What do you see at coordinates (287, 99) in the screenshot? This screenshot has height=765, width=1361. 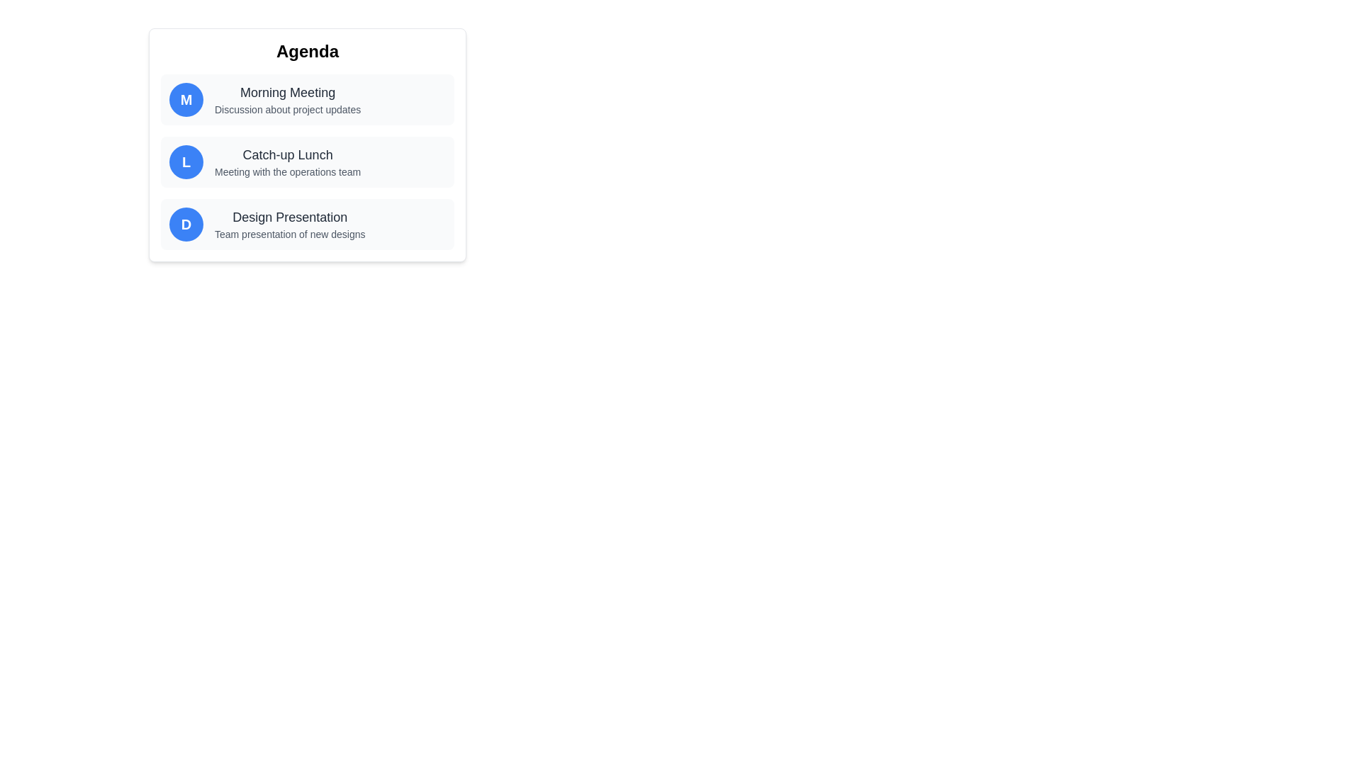 I see `the meeting entry text label located in the upper portion of the vertical list within the agenda card` at bounding box center [287, 99].